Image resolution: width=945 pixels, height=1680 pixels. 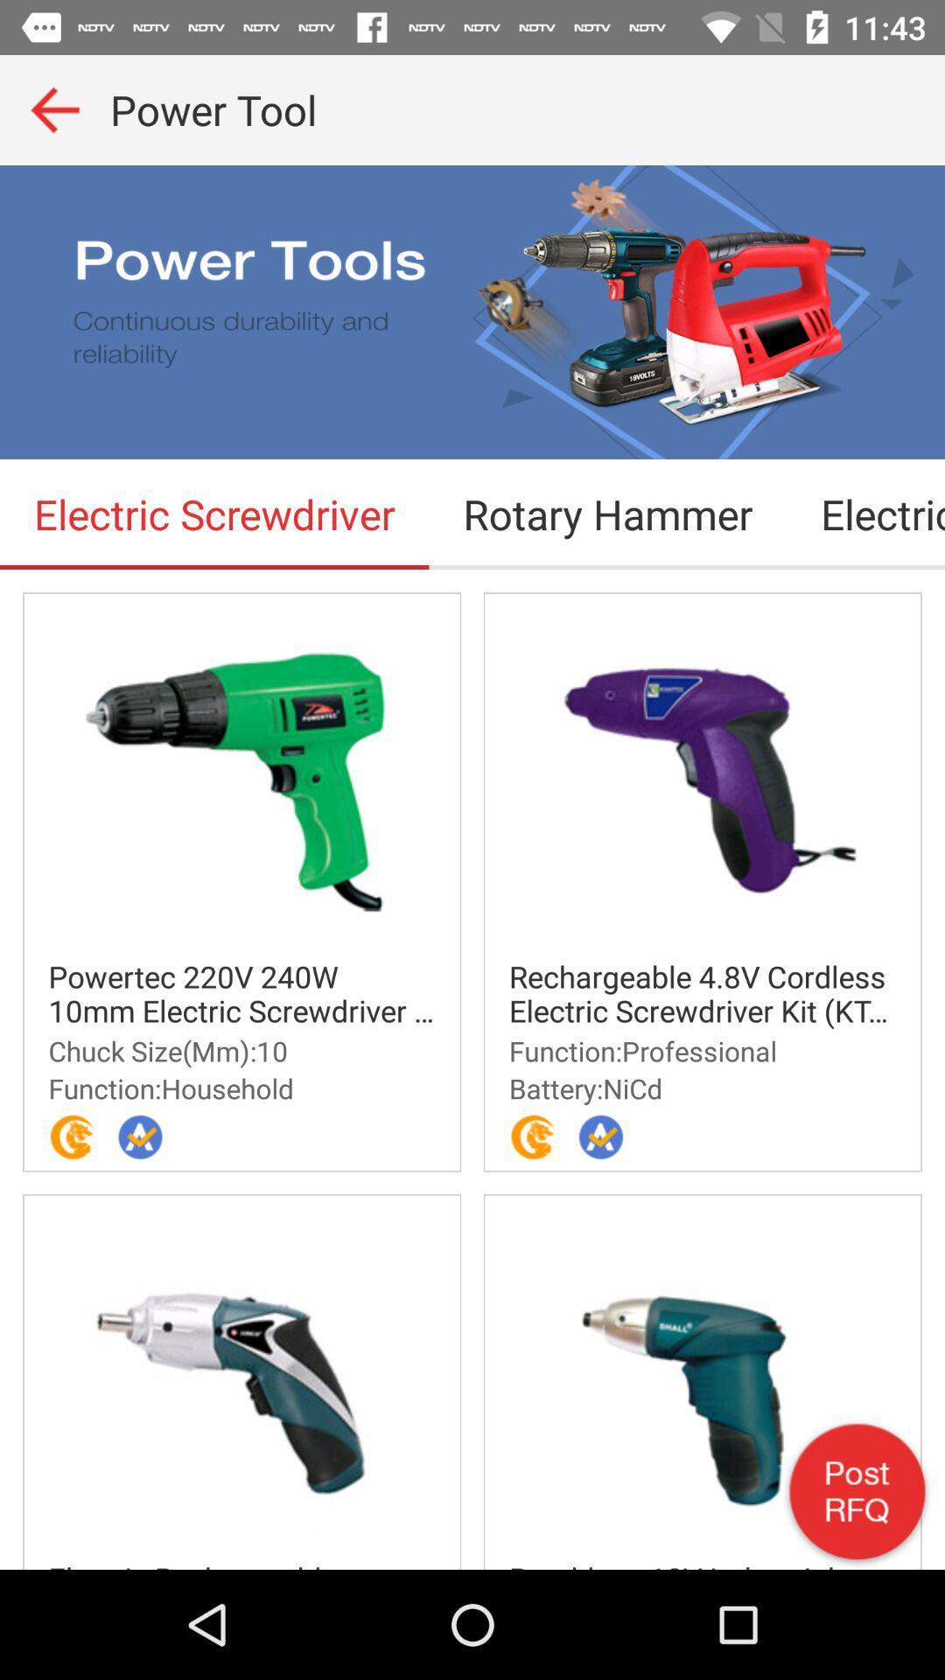 I want to click on go back, so click(x=53, y=108).